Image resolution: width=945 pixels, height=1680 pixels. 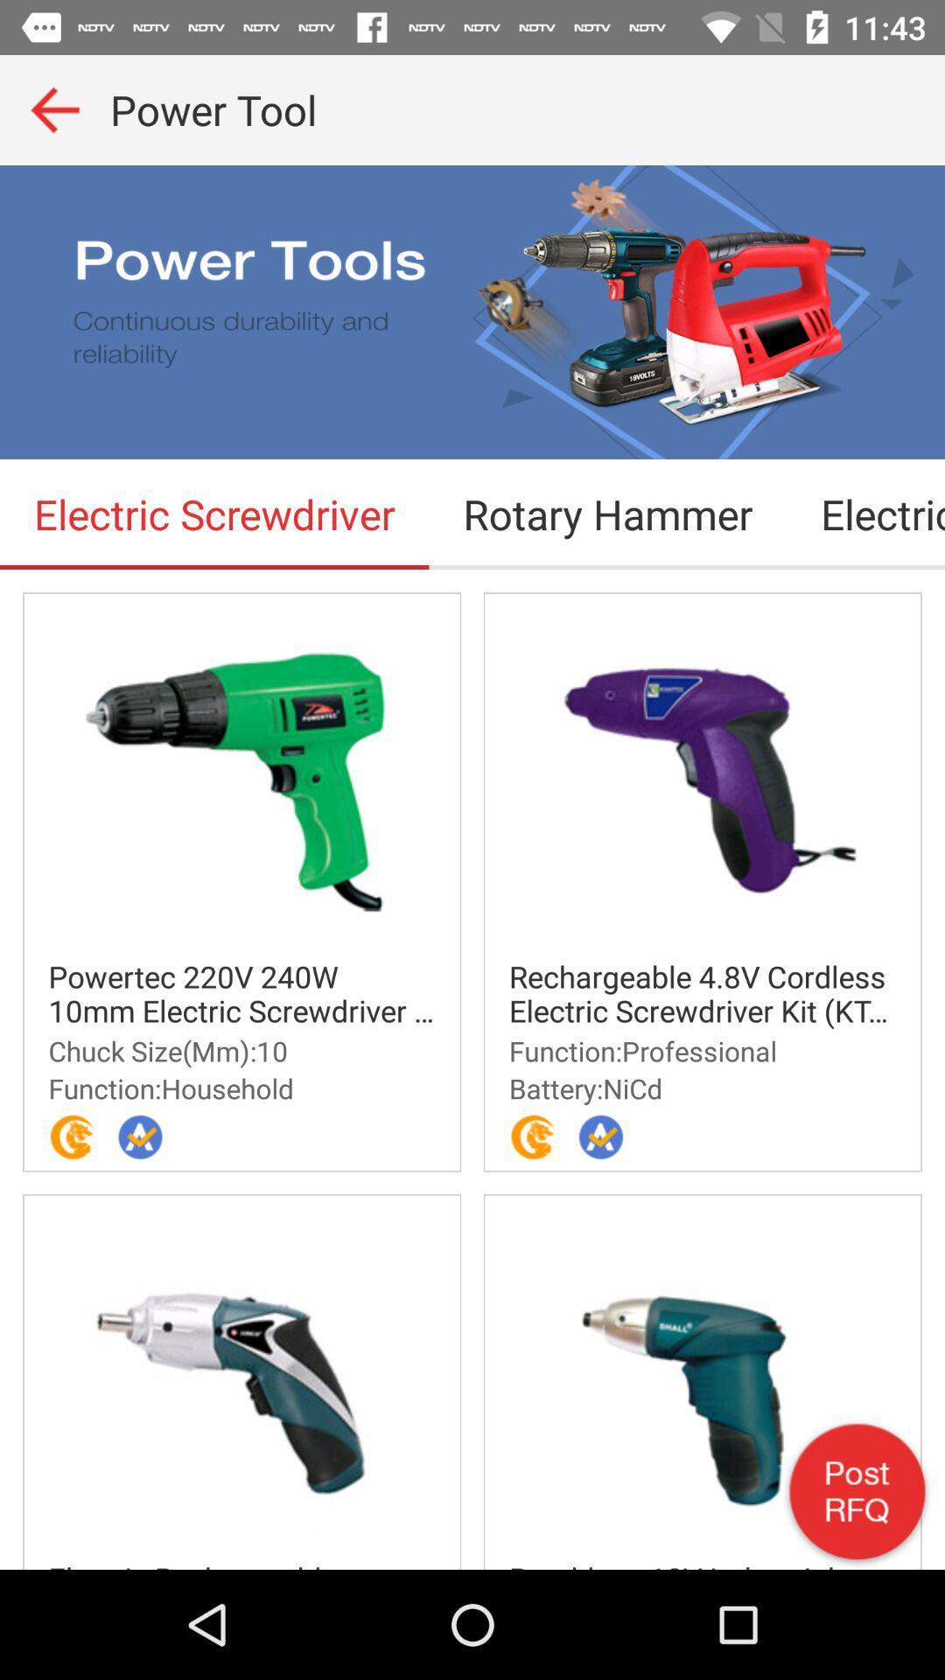 I want to click on go back, so click(x=53, y=108).